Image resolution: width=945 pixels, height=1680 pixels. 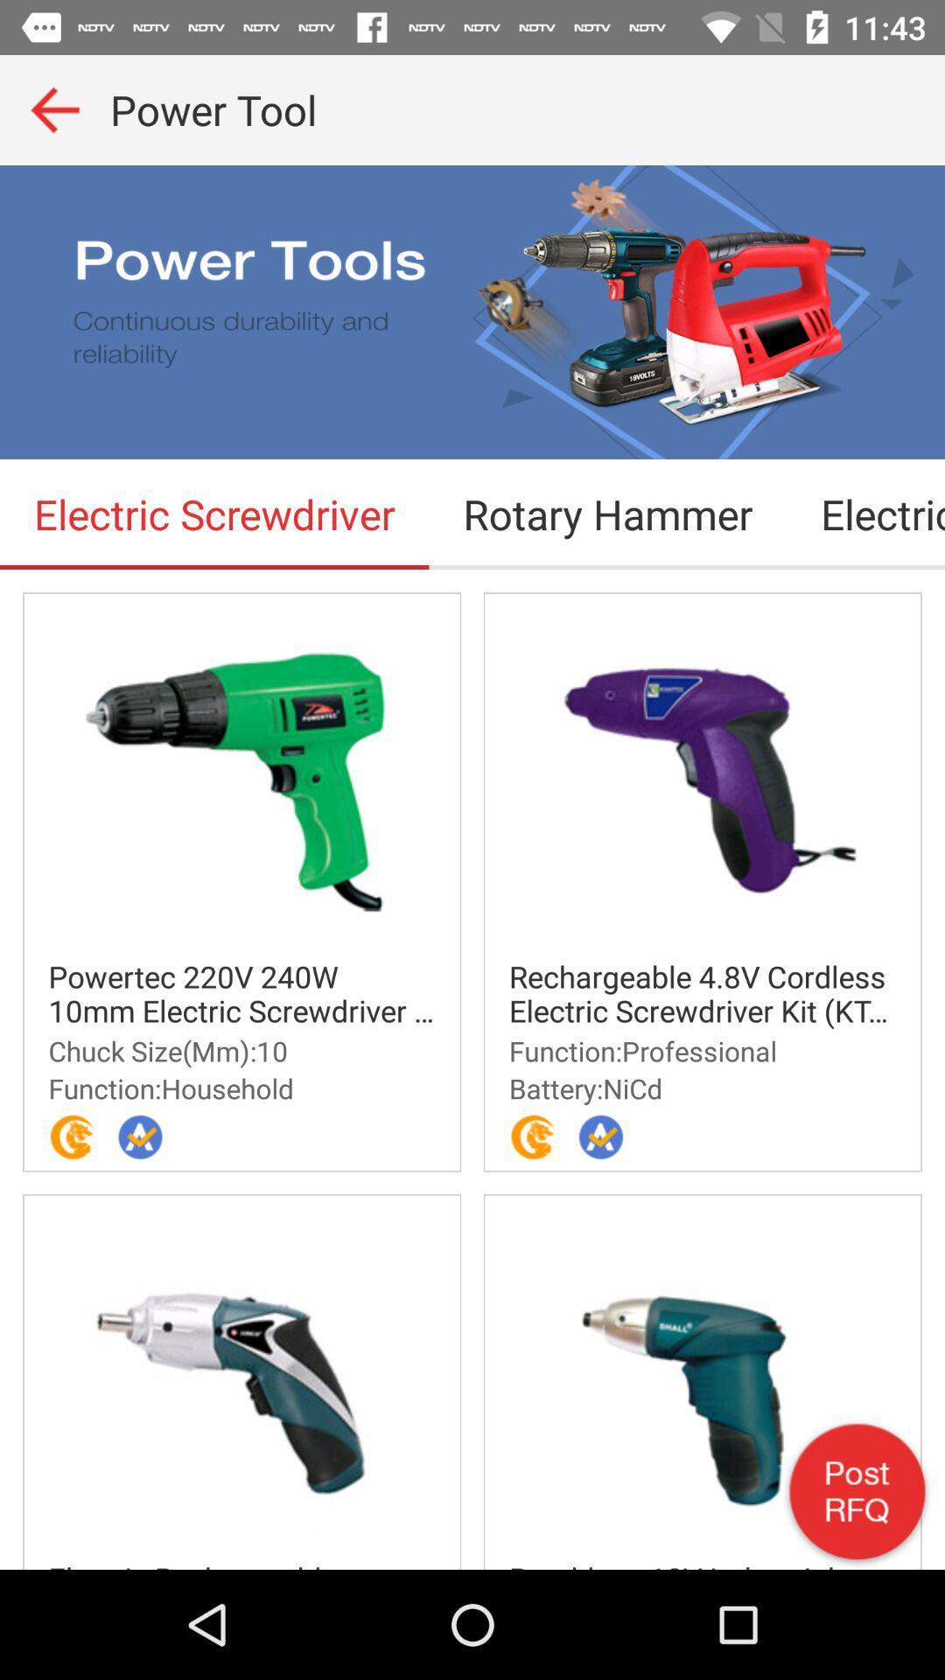 I want to click on go back, so click(x=53, y=108).